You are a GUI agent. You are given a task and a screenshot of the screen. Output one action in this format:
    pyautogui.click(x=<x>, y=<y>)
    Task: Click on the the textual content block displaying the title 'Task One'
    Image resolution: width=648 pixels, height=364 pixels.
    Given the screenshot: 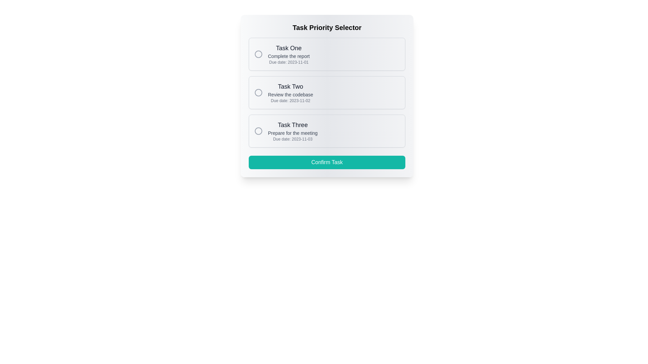 What is the action you would take?
    pyautogui.click(x=289, y=54)
    